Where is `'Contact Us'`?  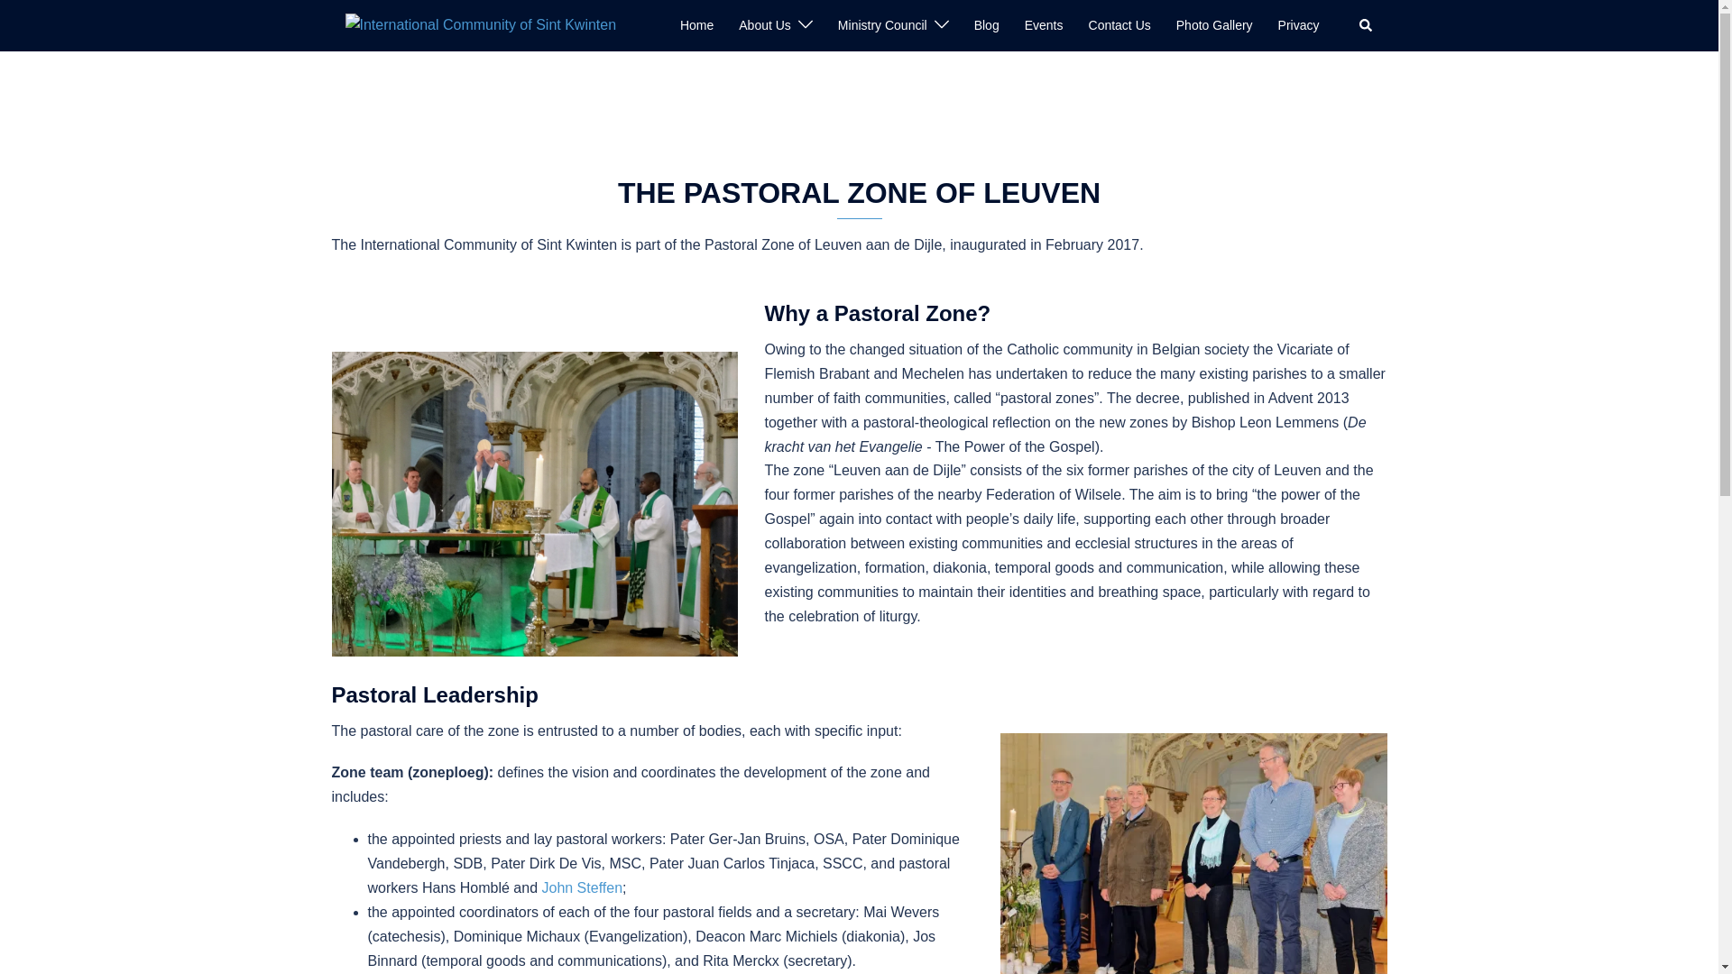
'Contact Us' is located at coordinates (1119, 26).